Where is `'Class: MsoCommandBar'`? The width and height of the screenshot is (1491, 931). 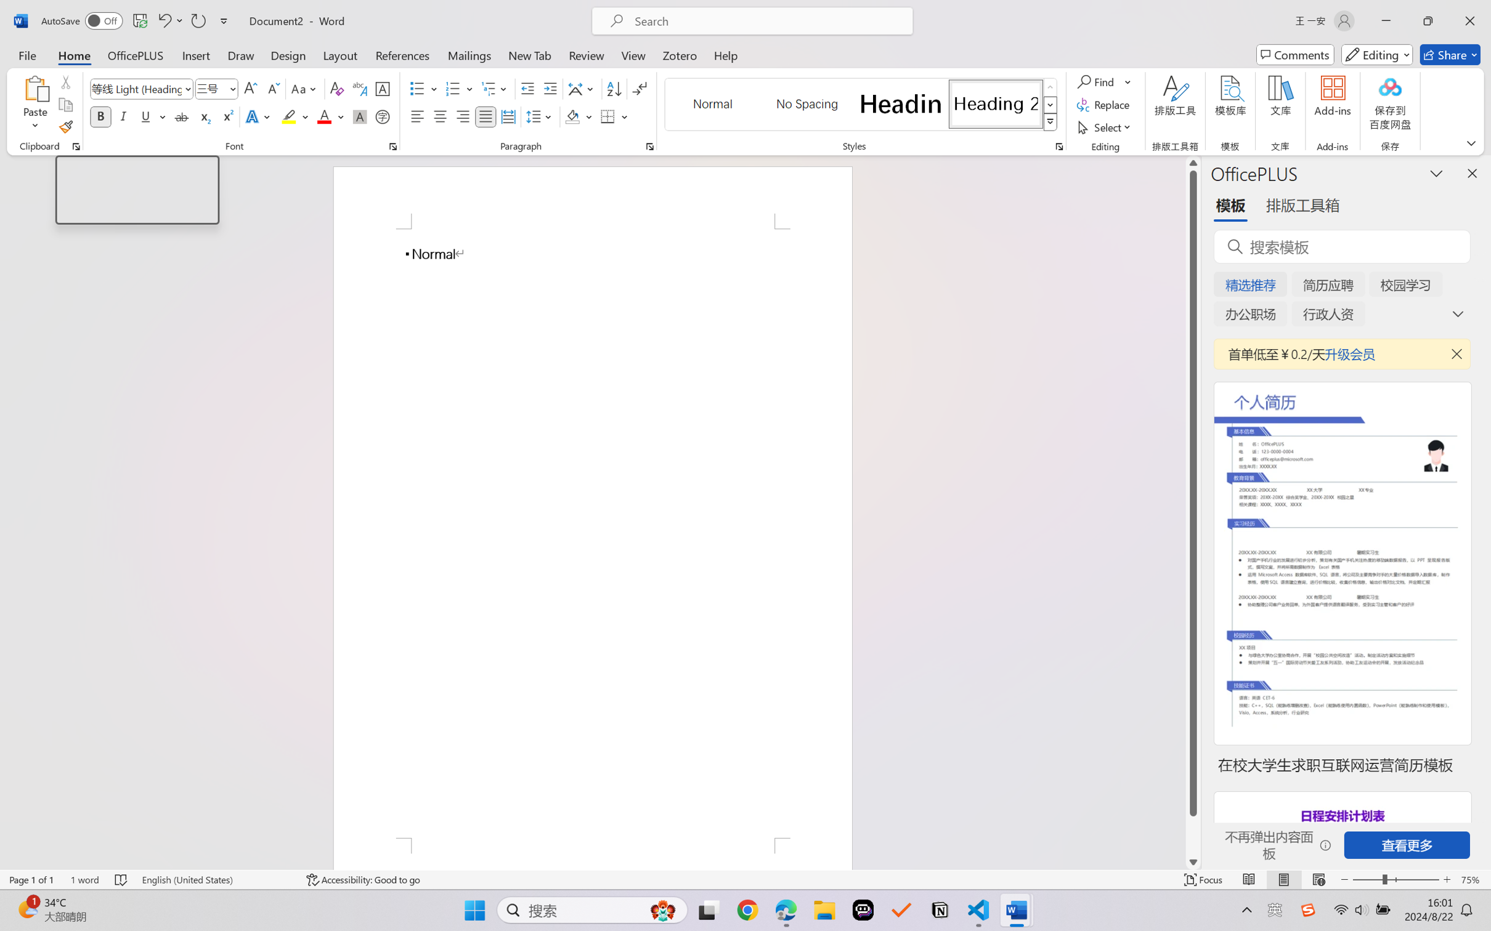 'Class: MsoCommandBar' is located at coordinates (745, 879).